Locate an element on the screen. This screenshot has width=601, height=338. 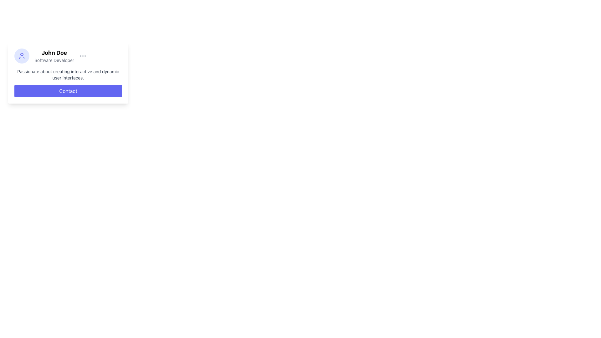
the Text Label that provides additional information about a person or entity, specifically their professional title or role, located below 'John Doe' in the left-central card-like component is located at coordinates (54, 60).